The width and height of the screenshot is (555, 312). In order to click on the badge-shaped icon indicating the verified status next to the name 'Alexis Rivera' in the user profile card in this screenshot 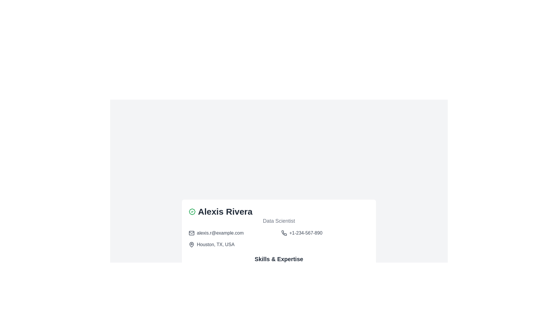, I will do `click(192, 211)`.